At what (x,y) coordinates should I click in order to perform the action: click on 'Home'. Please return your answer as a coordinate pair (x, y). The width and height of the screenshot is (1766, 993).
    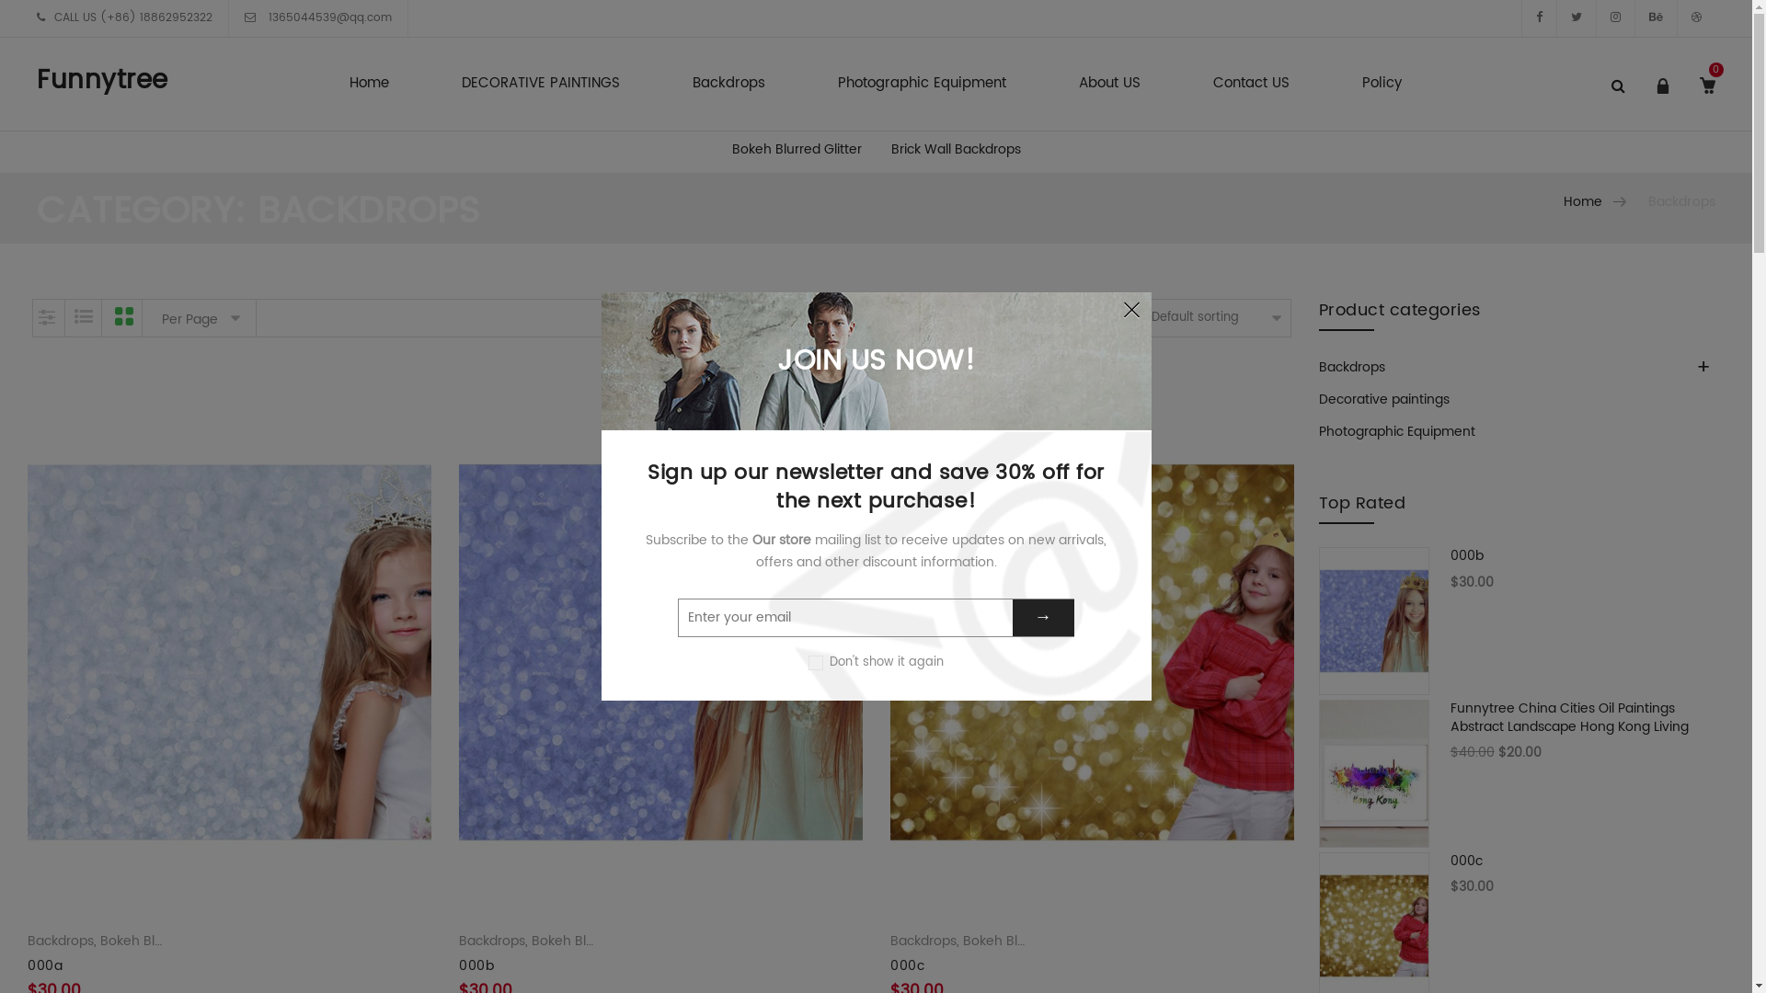
    Looking at the image, I should click on (368, 85).